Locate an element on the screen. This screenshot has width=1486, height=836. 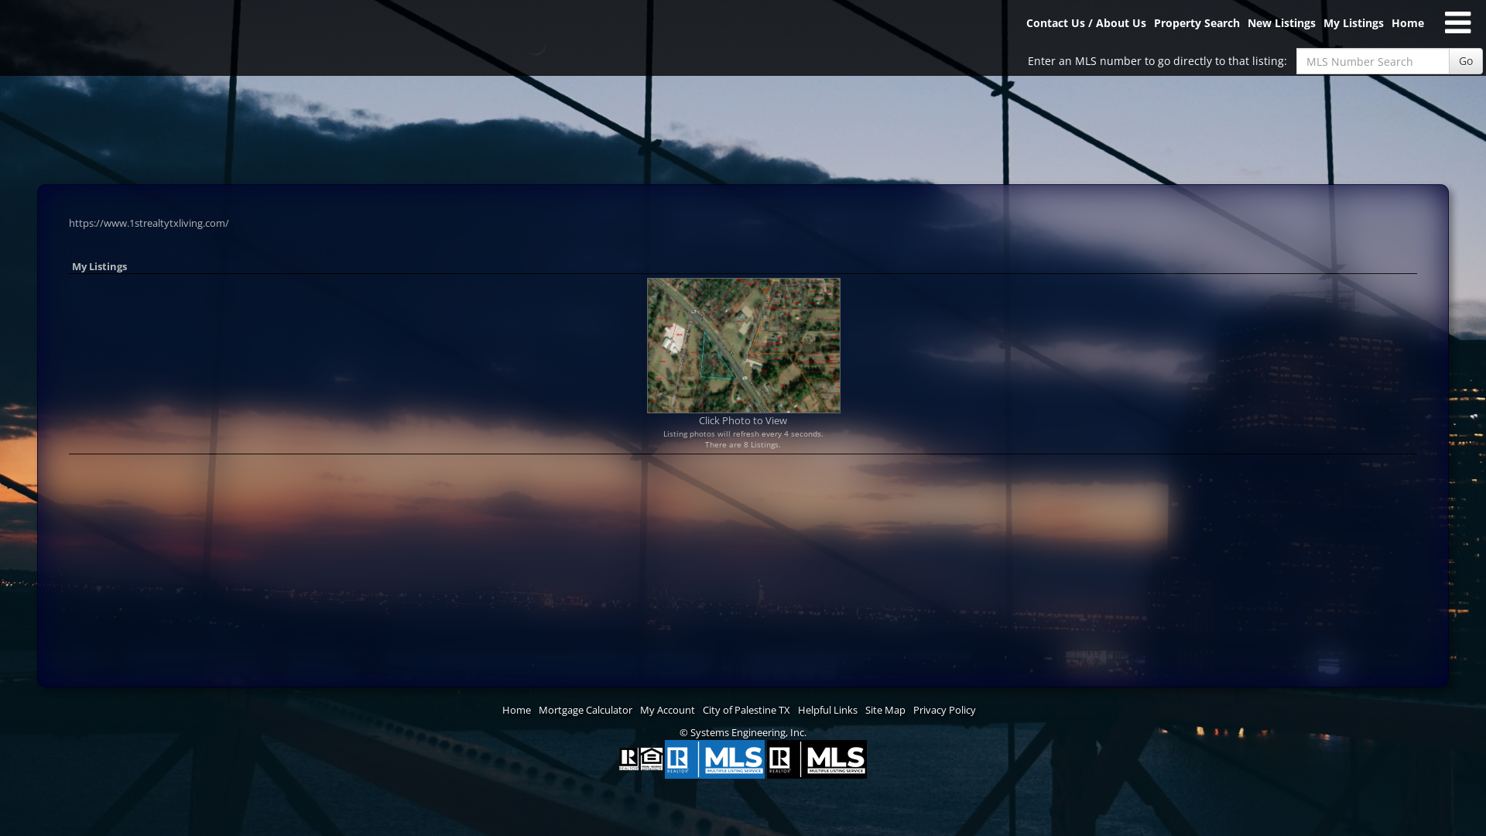
'City of Palestine TX' is located at coordinates (746, 710).